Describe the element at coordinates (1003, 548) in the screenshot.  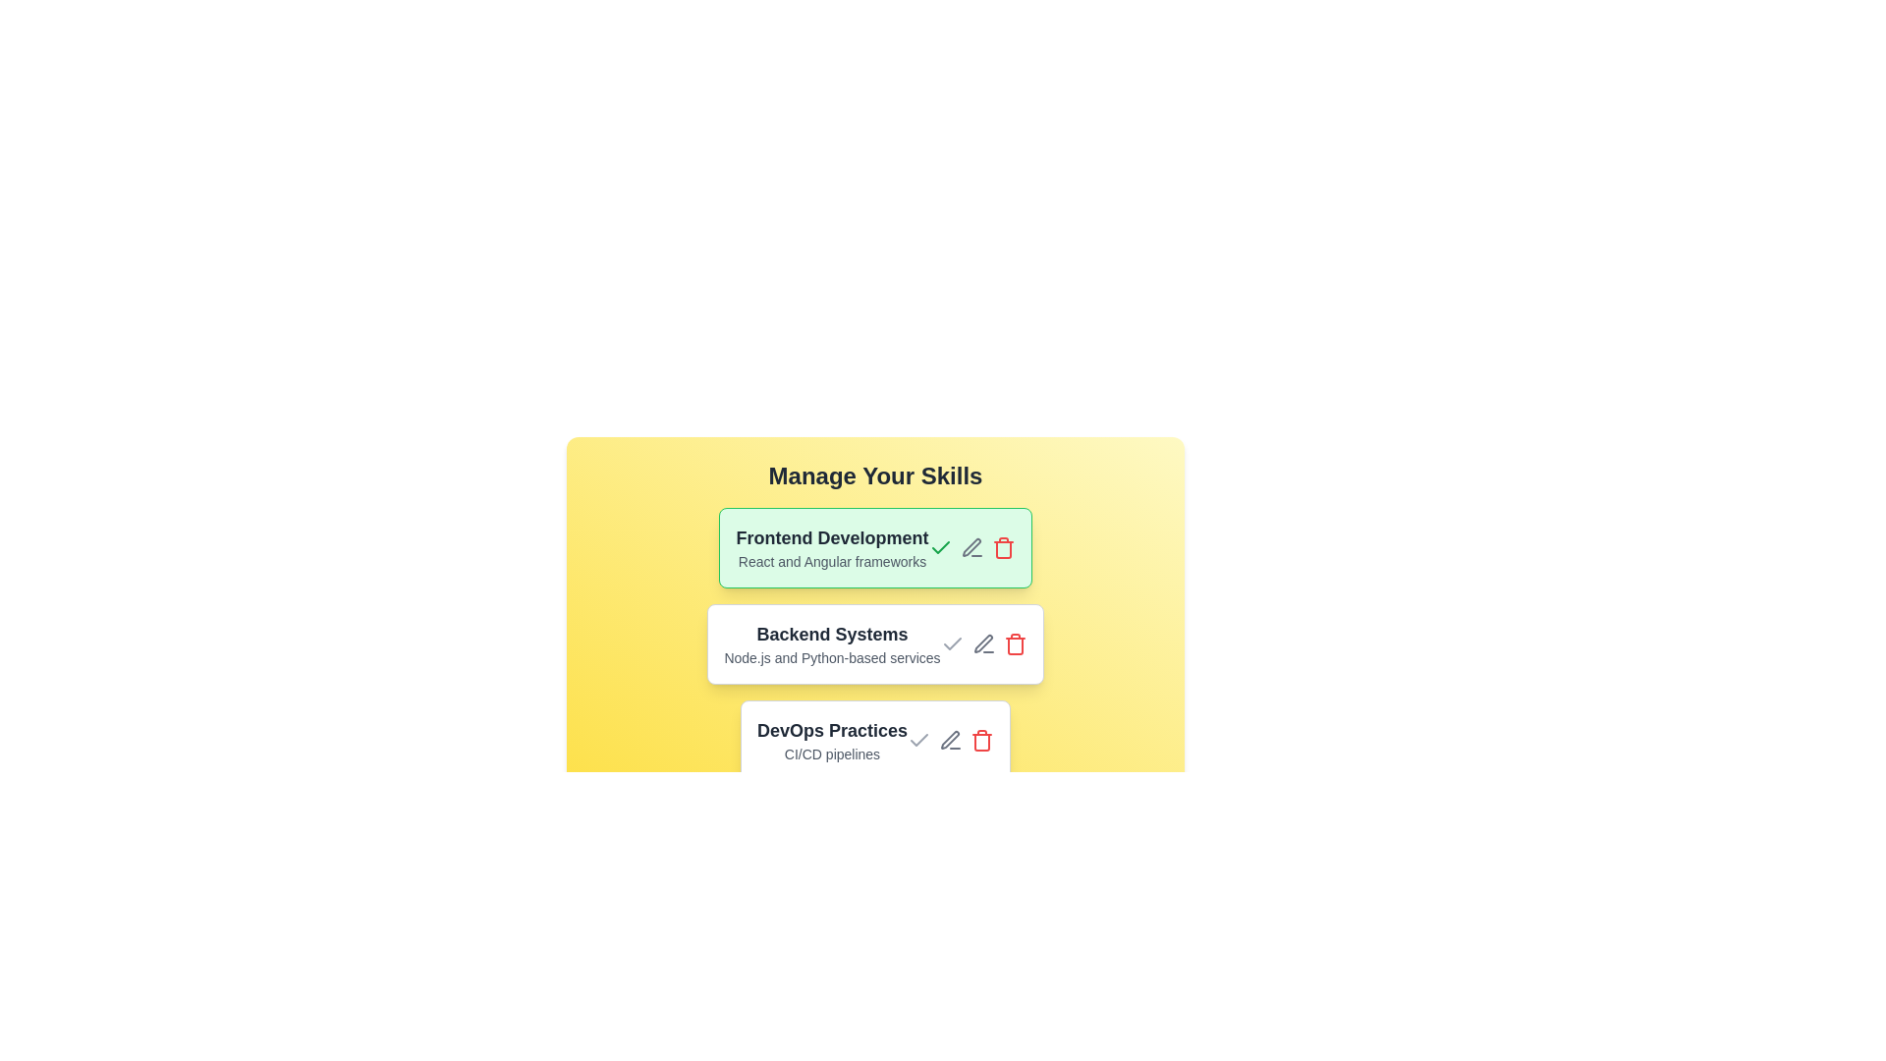
I see `the trash icon to delete the item corresponding to the skill Frontend Development` at that location.